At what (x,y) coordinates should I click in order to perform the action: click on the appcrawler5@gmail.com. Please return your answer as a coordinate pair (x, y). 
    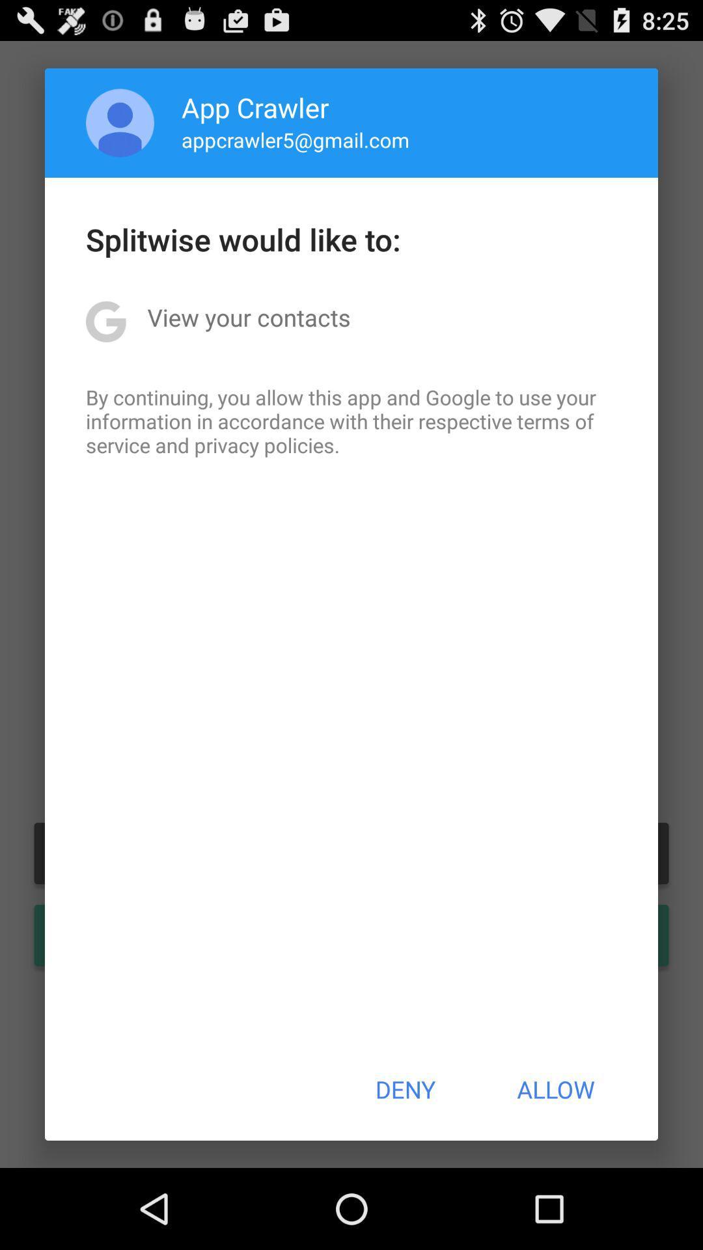
    Looking at the image, I should click on (296, 139).